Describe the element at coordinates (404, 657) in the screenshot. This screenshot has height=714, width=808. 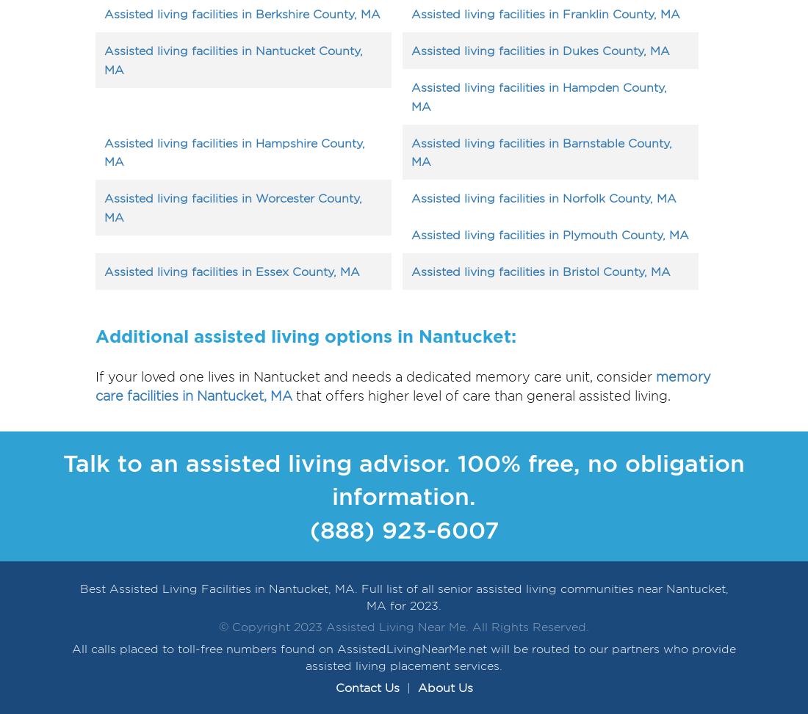
I see `'All calls placed to toll-free numbers found on AssistedLivingNearMe.net will be routed to our partners who provide assisted living placement services.'` at that location.